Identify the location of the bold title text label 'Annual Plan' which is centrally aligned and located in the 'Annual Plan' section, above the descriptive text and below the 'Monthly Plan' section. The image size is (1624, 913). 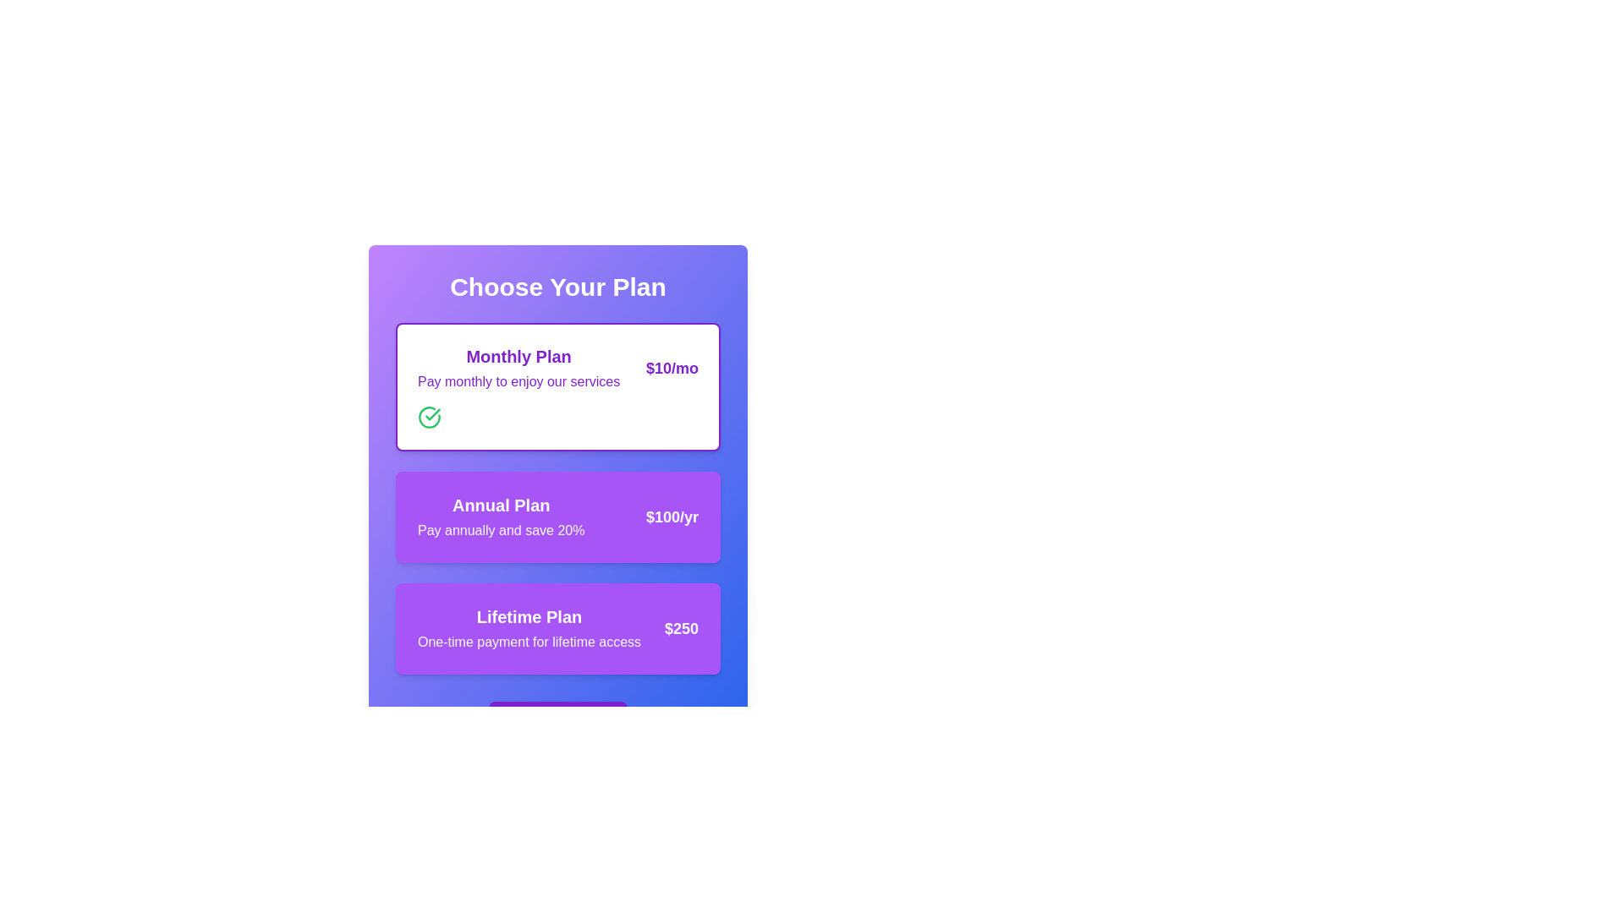
(500, 504).